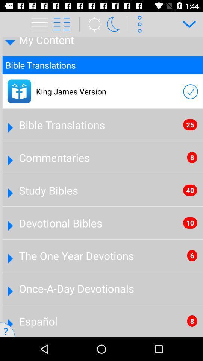 This screenshot has width=203, height=361. Describe the element at coordinates (92, 24) in the screenshot. I see `the weather icon` at that location.